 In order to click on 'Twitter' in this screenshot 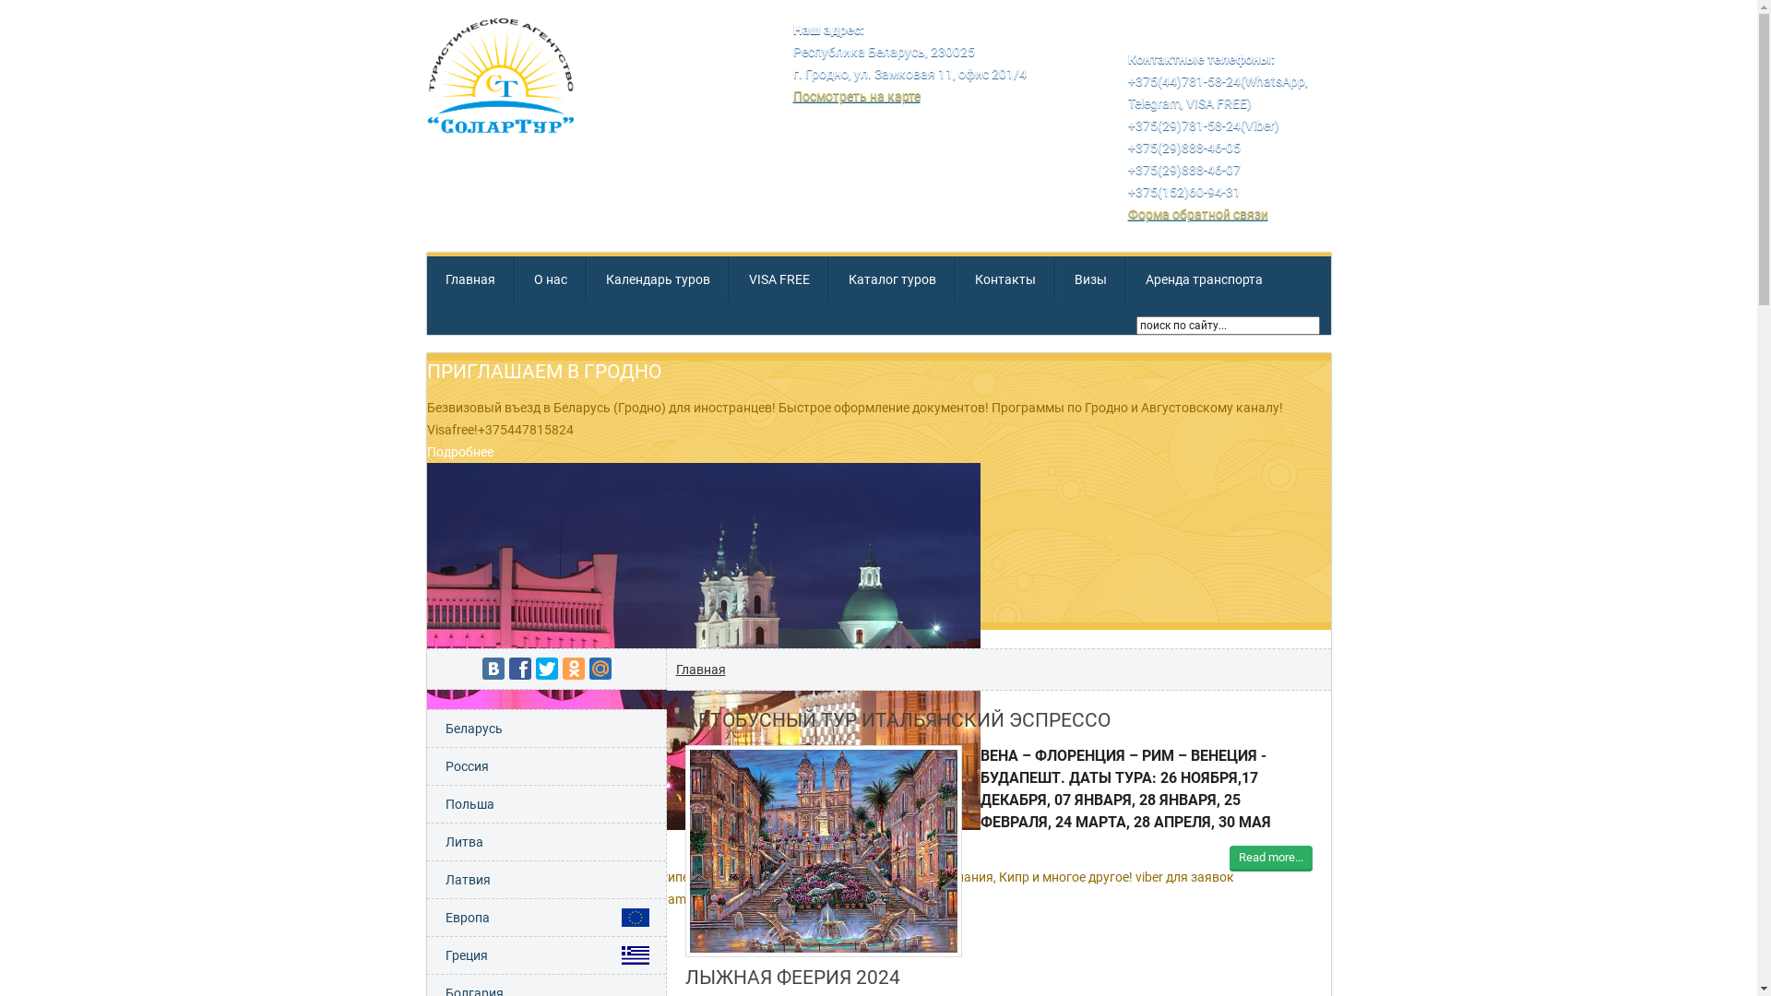, I will do `click(544, 669)`.